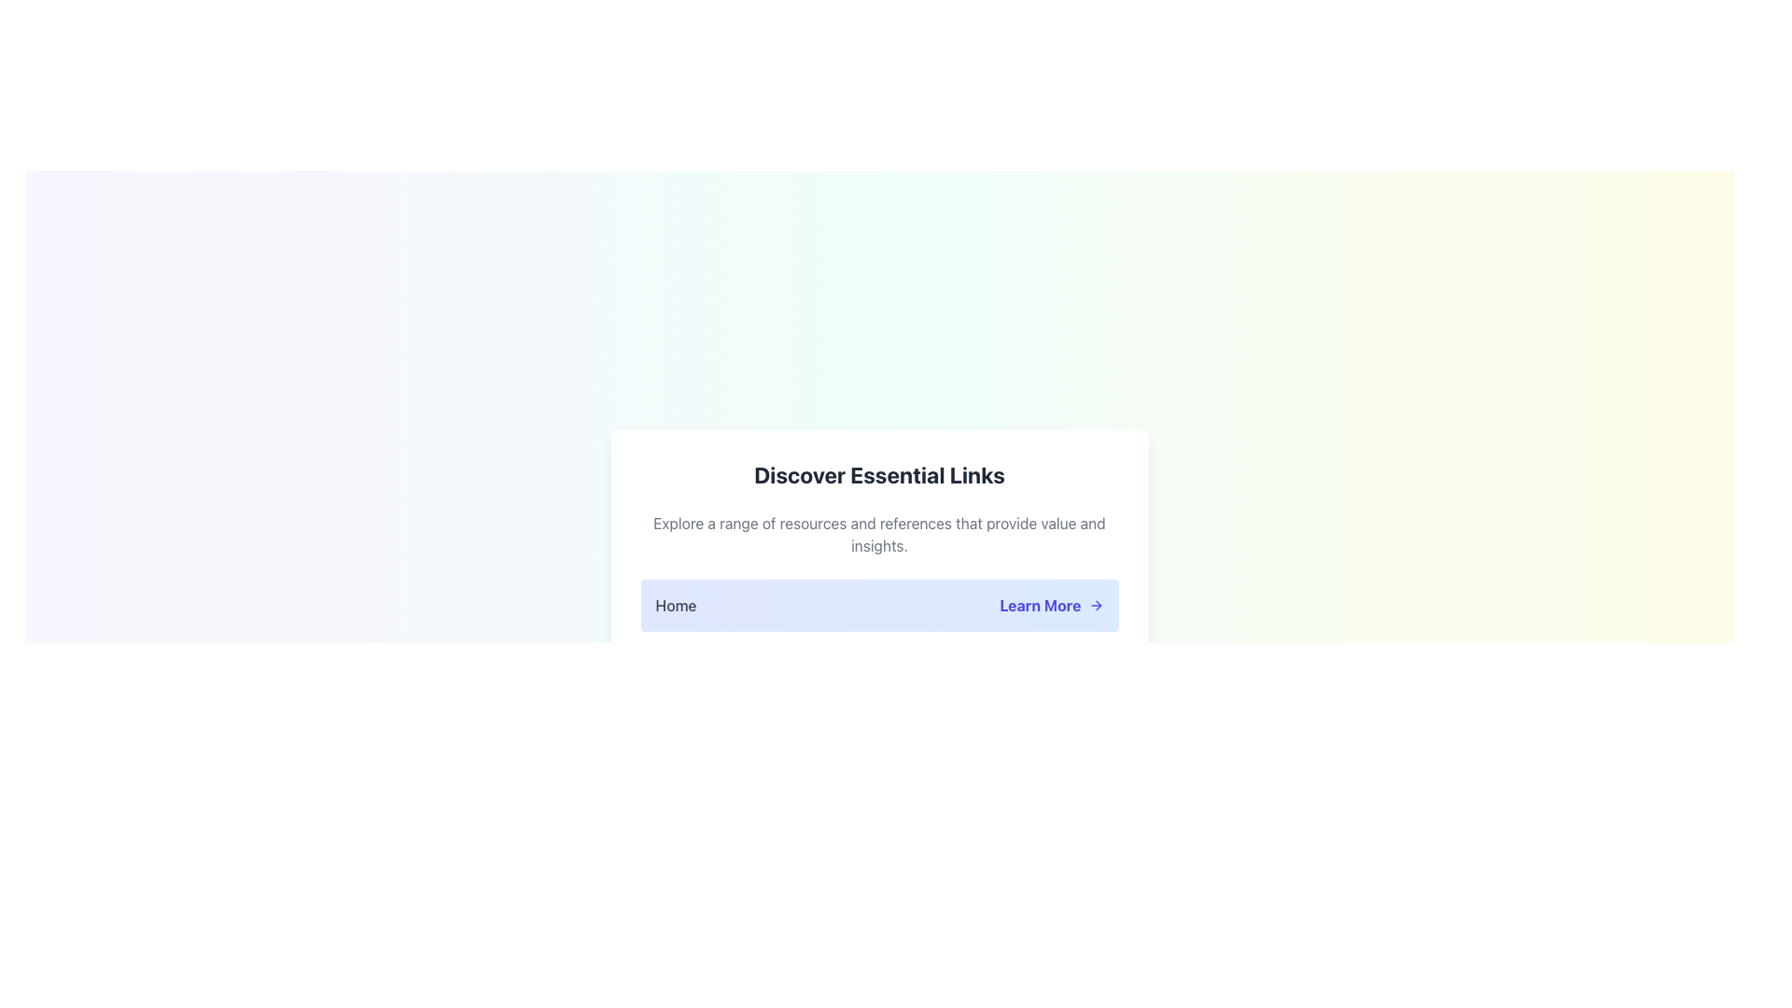  What do you see at coordinates (1052, 605) in the screenshot?
I see `the hyperlink located in the blue gradient box on the right side, next to the 'Home' text` at bounding box center [1052, 605].